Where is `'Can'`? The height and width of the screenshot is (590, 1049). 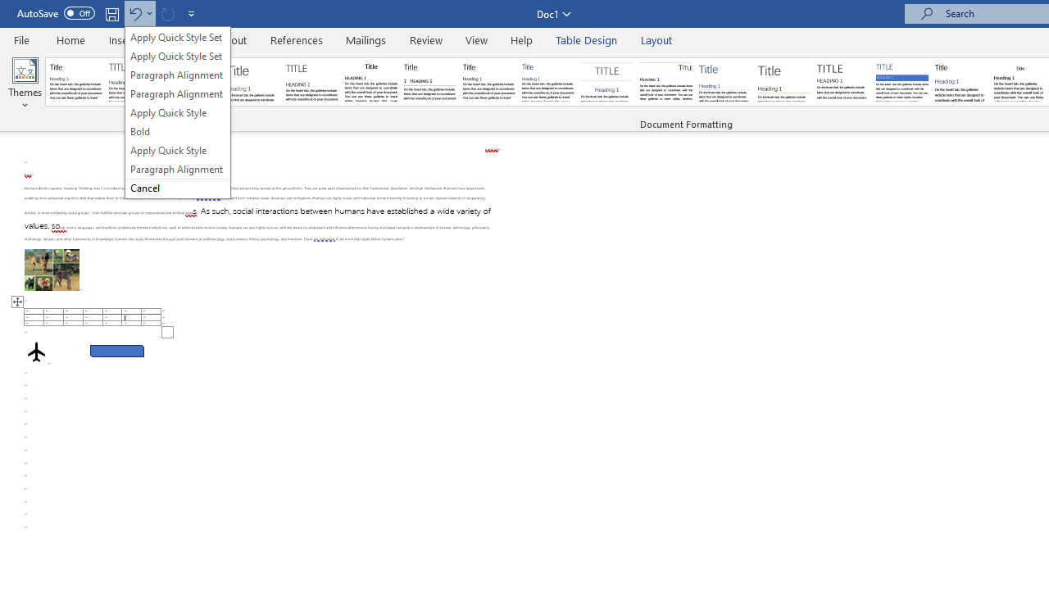 'Can' is located at coordinates (167, 13).